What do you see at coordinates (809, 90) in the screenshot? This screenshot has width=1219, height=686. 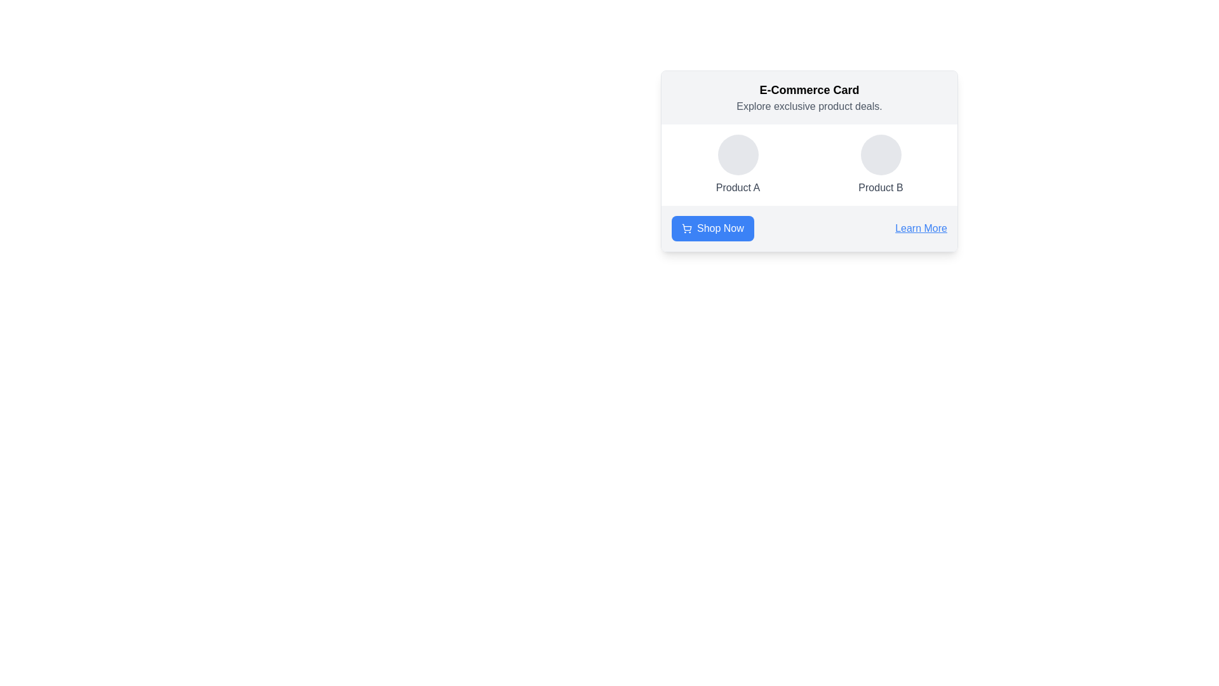 I see `the static text element that reads 'E-Commerce Card', which is styled in bold and large font, located at the top of a card-like interface with a light gray background` at bounding box center [809, 90].